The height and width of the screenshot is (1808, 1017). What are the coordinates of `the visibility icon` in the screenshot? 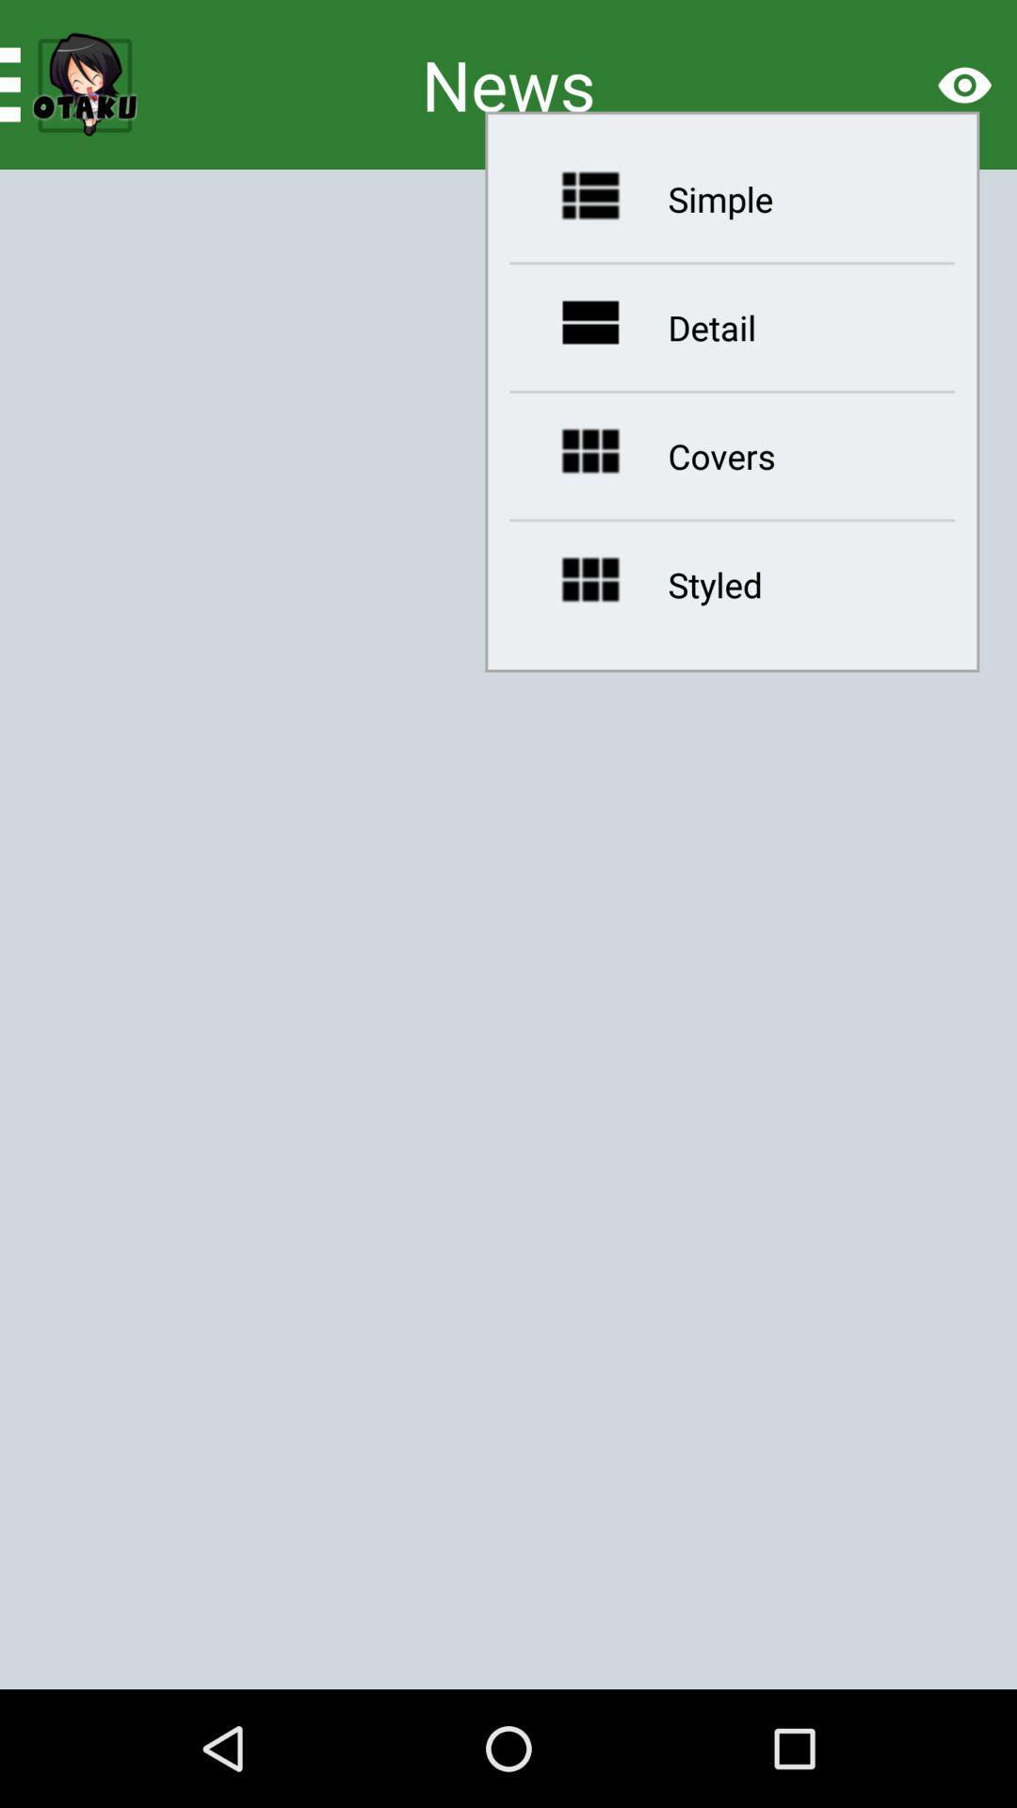 It's located at (964, 84).